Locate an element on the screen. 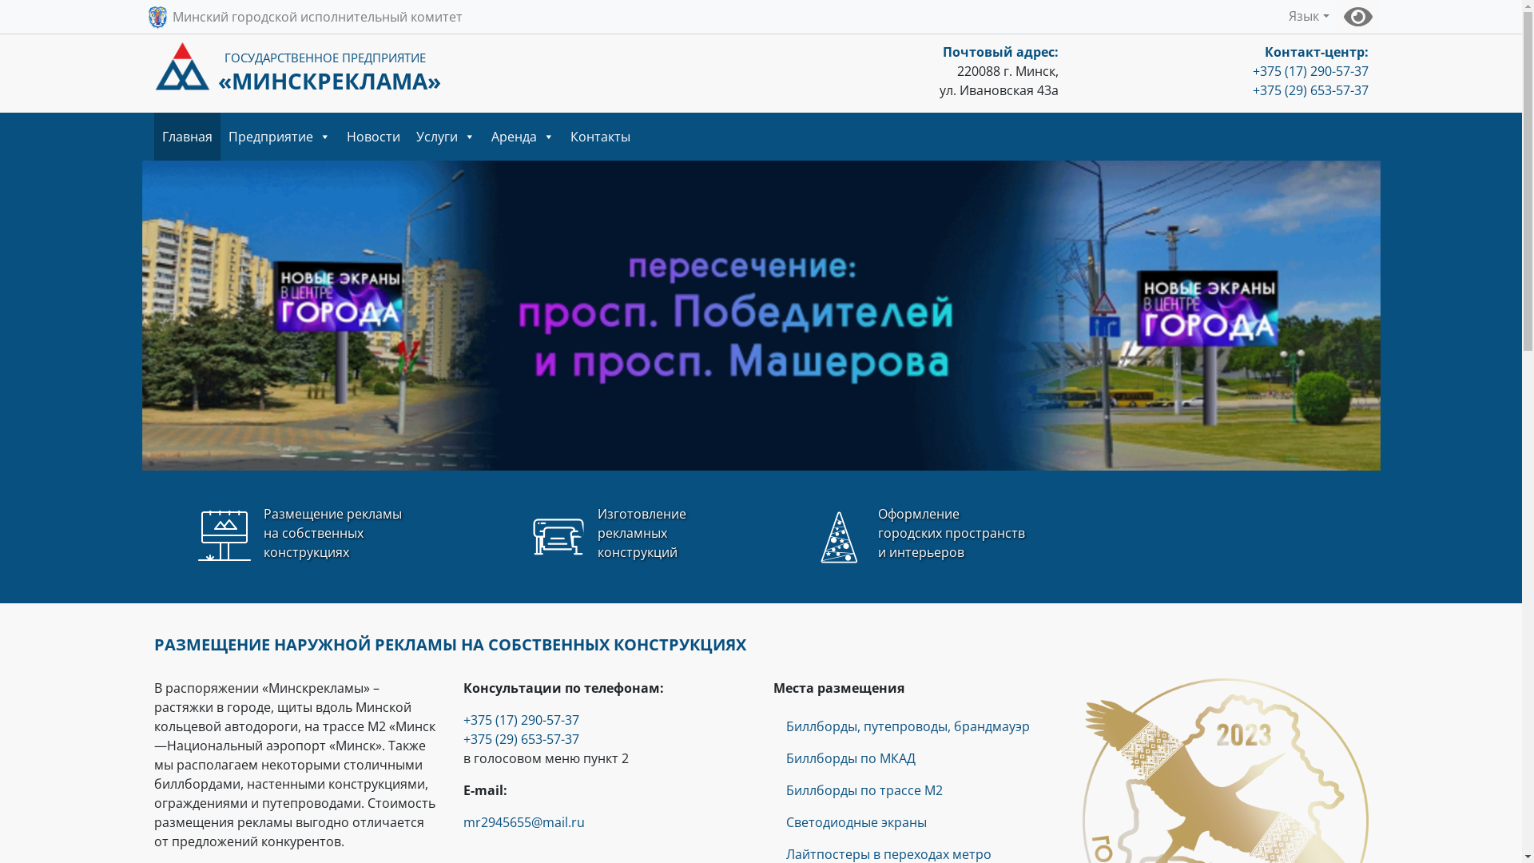 The image size is (1534, 863). '+375 (29) 653-57-37' is located at coordinates (463, 739).